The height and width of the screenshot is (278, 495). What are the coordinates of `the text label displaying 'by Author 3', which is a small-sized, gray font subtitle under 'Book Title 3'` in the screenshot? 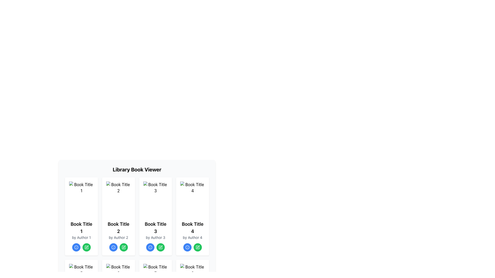 It's located at (155, 237).